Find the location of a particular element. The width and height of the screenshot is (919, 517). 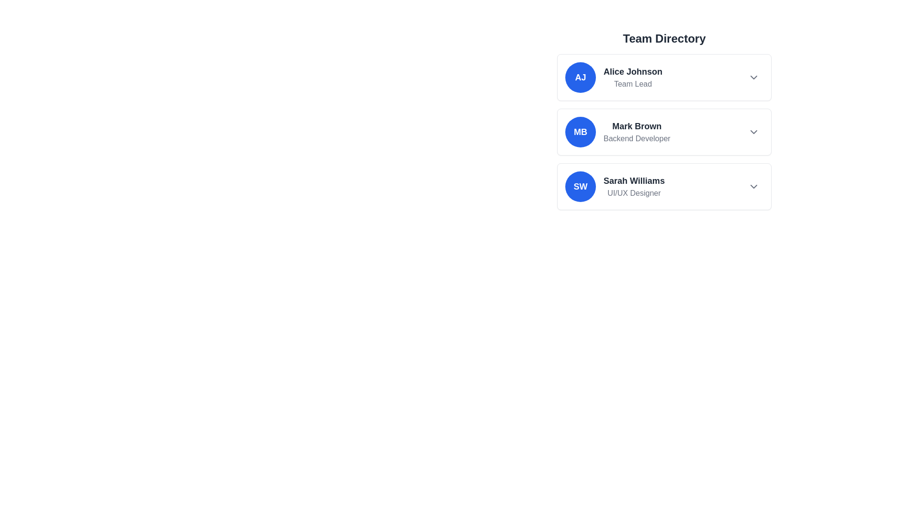

the toggle button for 'Alice Johnson' to observe a color change is located at coordinates (753, 77).